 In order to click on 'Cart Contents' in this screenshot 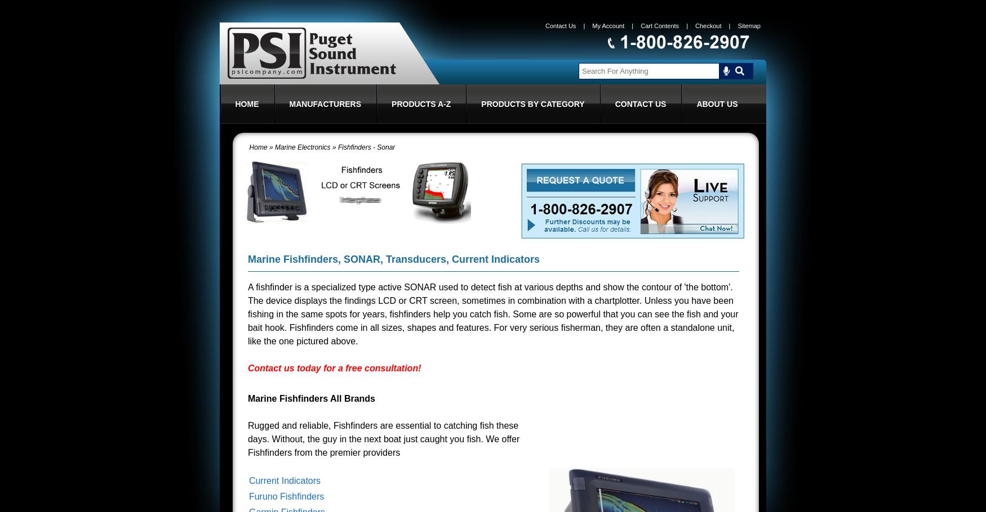, I will do `click(659, 25)`.